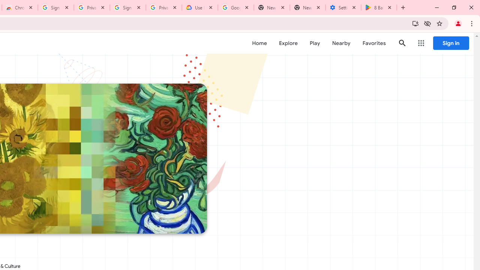 This screenshot has height=270, width=480. What do you see at coordinates (379, 7) in the screenshot?
I see `'8 Ball Pool - Apps on Google Play'` at bounding box center [379, 7].